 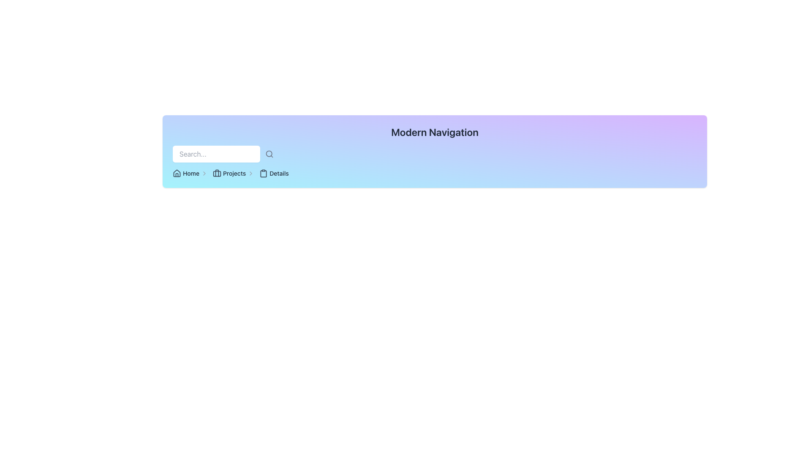 What do you see at coordinates (234, 173) in the screenshot?
I see `text label 'Projects' styled with medium-weight font and dark gray color, located in the breadcrumb navigation bar` at bounding box center [234, 173].